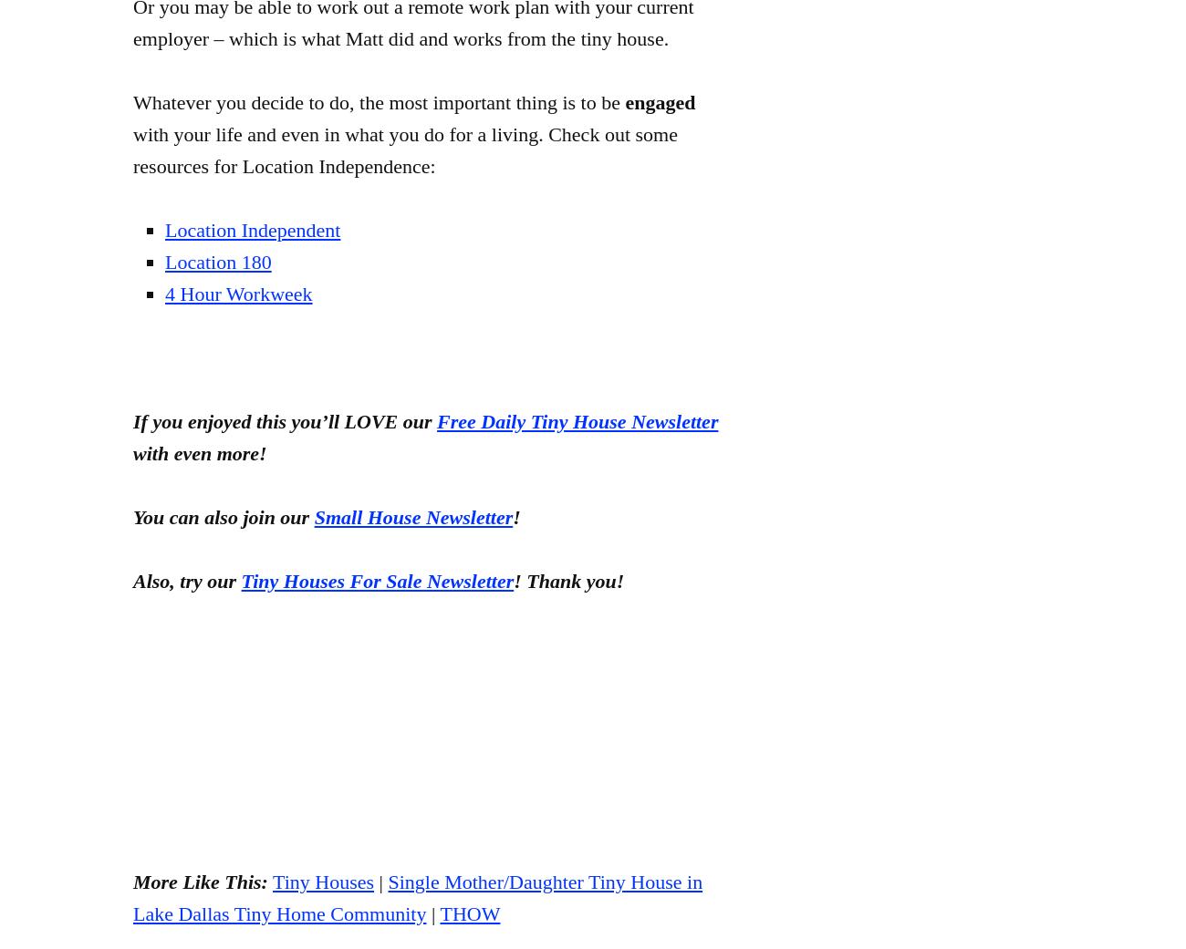 Image resolution: width=1186 pixels, height=949 pixels. What do you see at coordinates (131, 517) in the screenshot?
I see `'You can also join our'` at bounding box center [131, 517].